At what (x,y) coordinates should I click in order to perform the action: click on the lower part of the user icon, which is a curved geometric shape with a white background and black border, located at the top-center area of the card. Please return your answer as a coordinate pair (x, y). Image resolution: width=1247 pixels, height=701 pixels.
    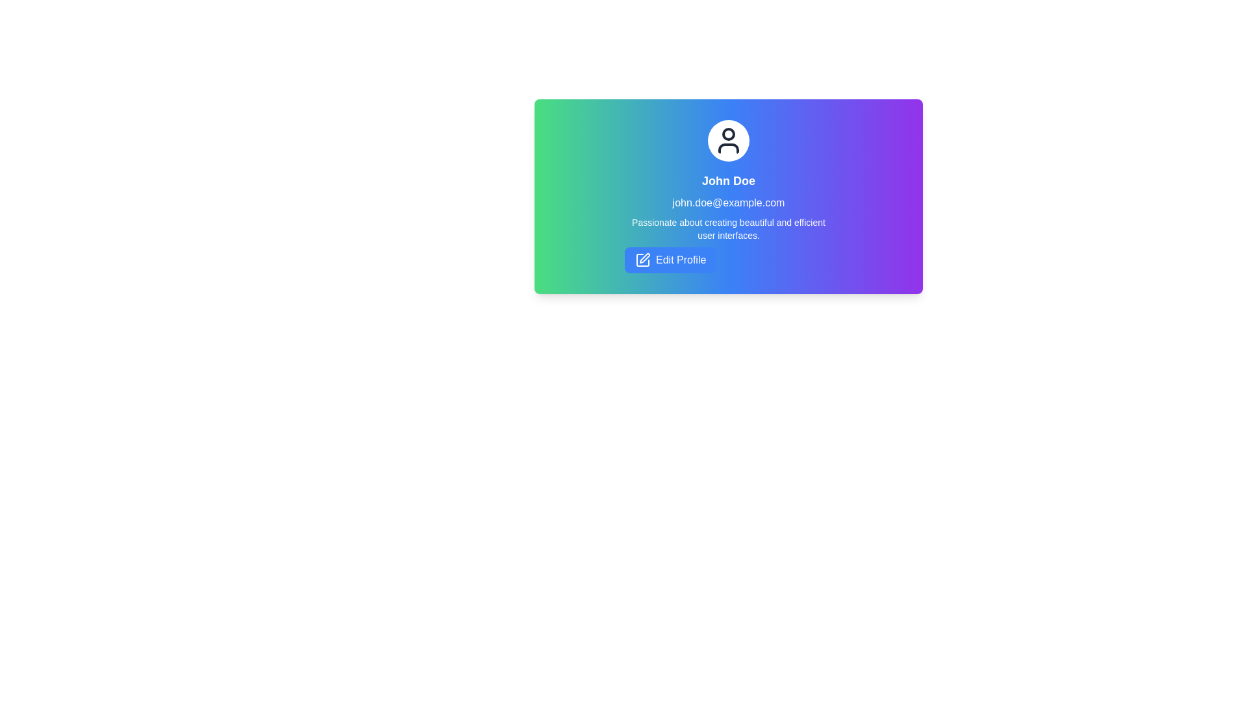
    Looking at the image, I should click on (729, 147).